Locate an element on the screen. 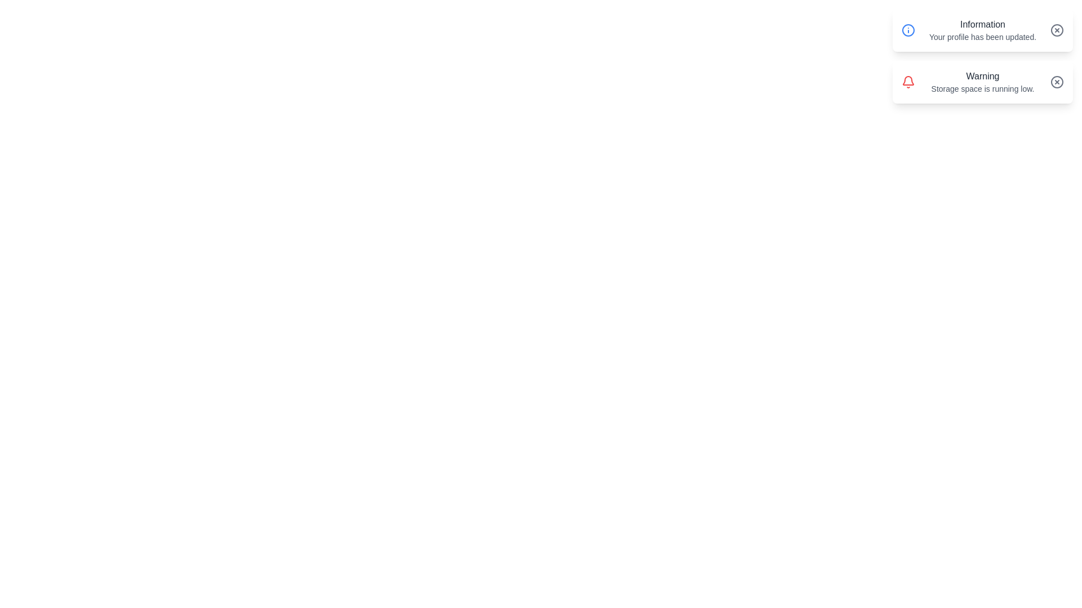  the 'Information' text label, which is prominently displayed at the top of the notification box is located at coordinates (982, 24).